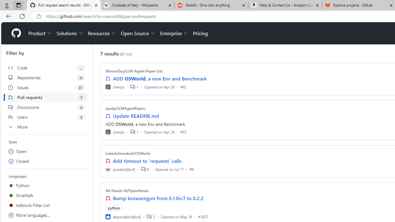 This screenshot has width=395, height=222. What do you see at coordinates (158, 198) in the screenshot?
I see `'Bump browsergym from 0.1.0rc7 to 0.2.2'` at bounding box center [158, 198].